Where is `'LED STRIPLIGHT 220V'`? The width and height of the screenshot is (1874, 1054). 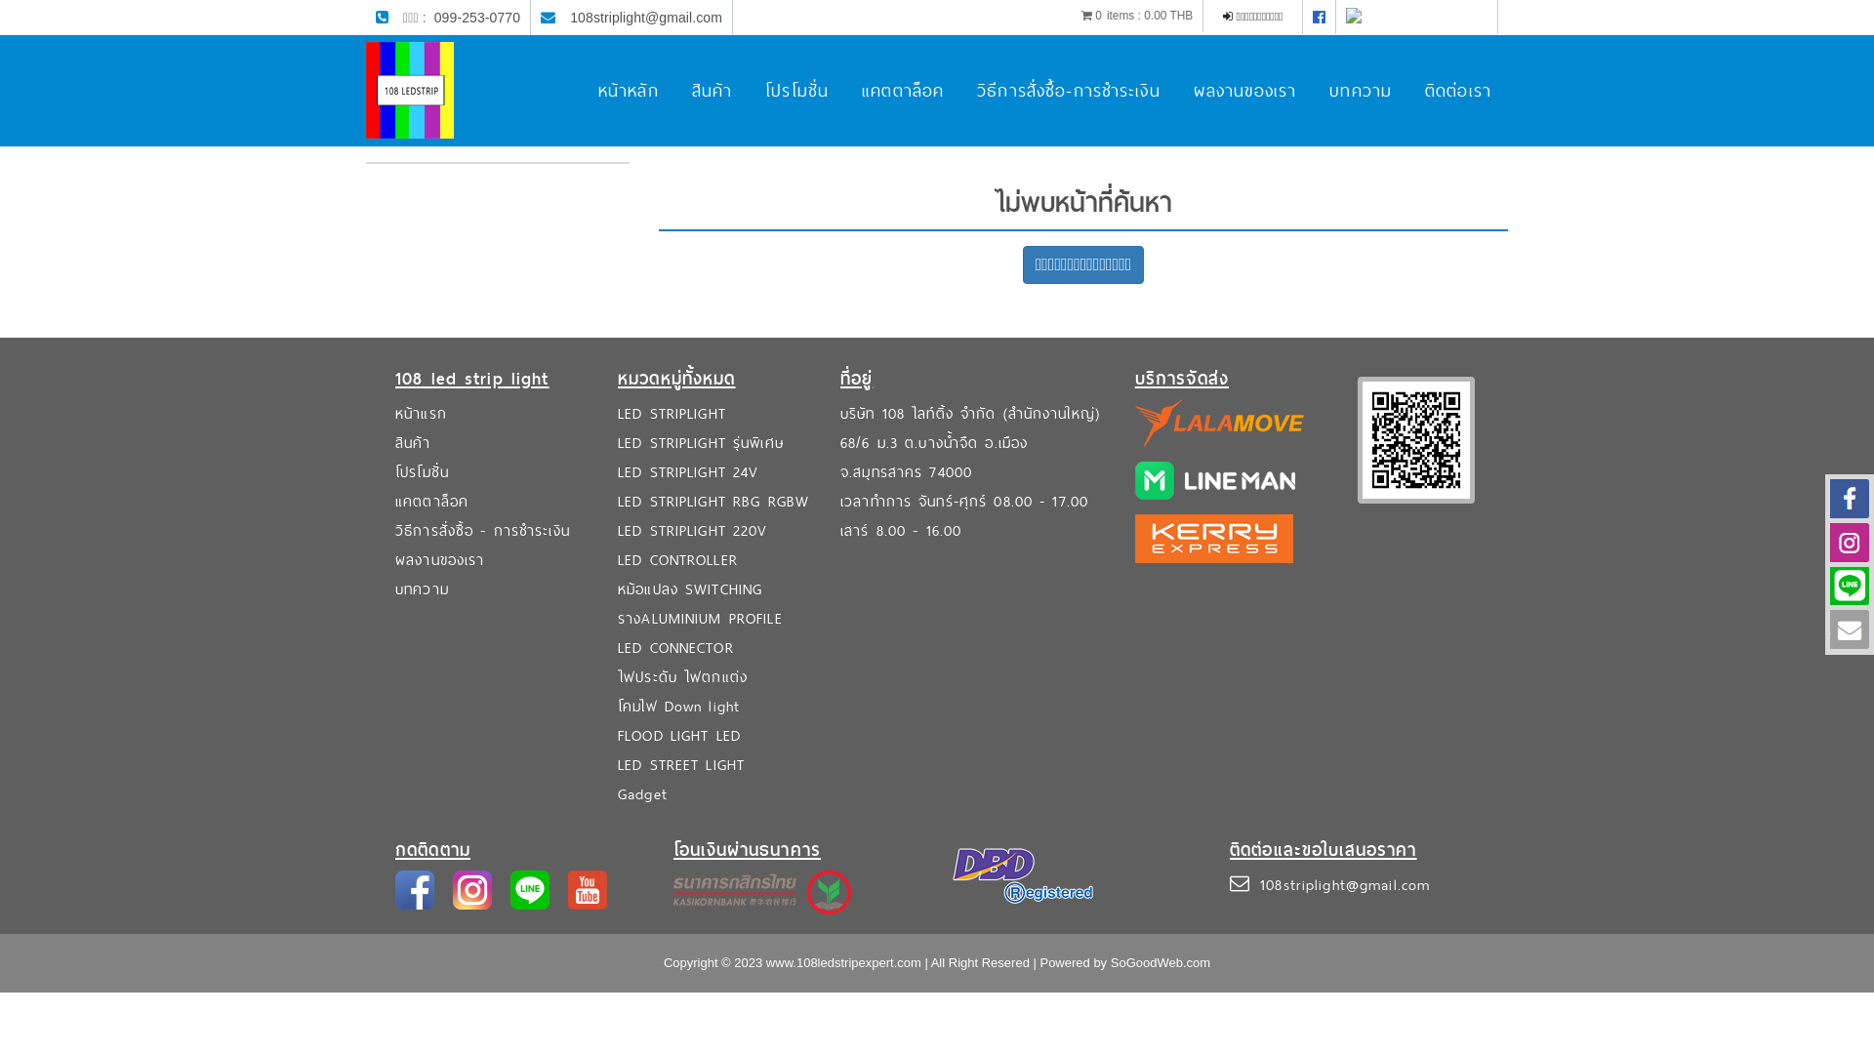 'LED STRIPLIGHT 220V' is located at coordinates (617, 530).